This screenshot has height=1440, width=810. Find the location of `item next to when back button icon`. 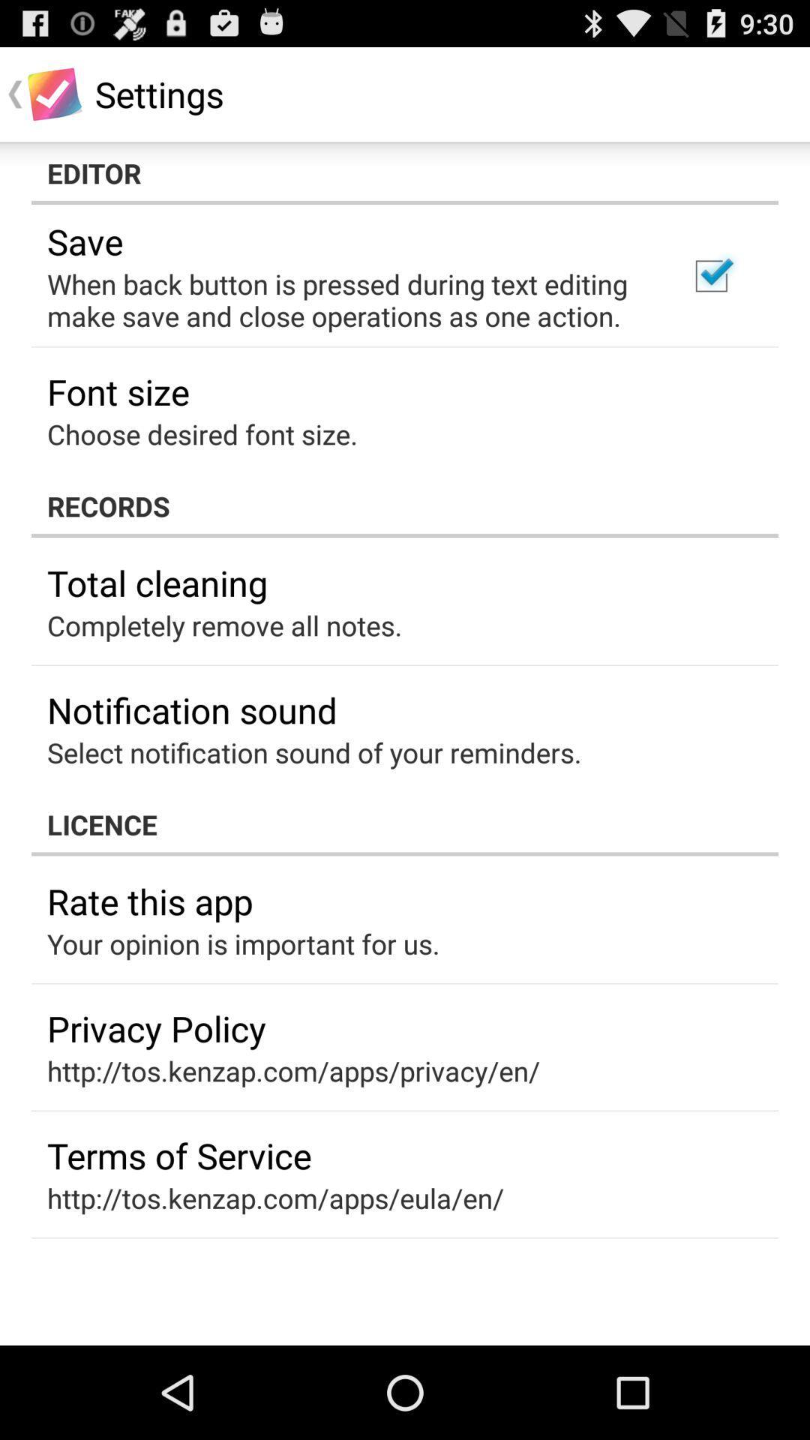

item next to when back button icon is located at coordinates (710, 276).